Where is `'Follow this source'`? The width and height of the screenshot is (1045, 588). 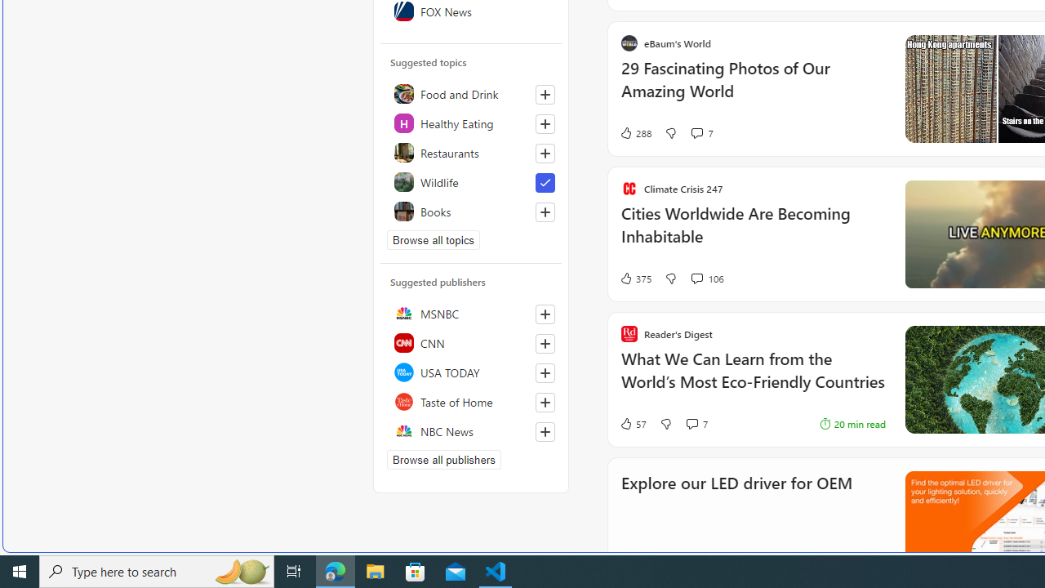 'Follow this source' is located at coordinates (545, 430).